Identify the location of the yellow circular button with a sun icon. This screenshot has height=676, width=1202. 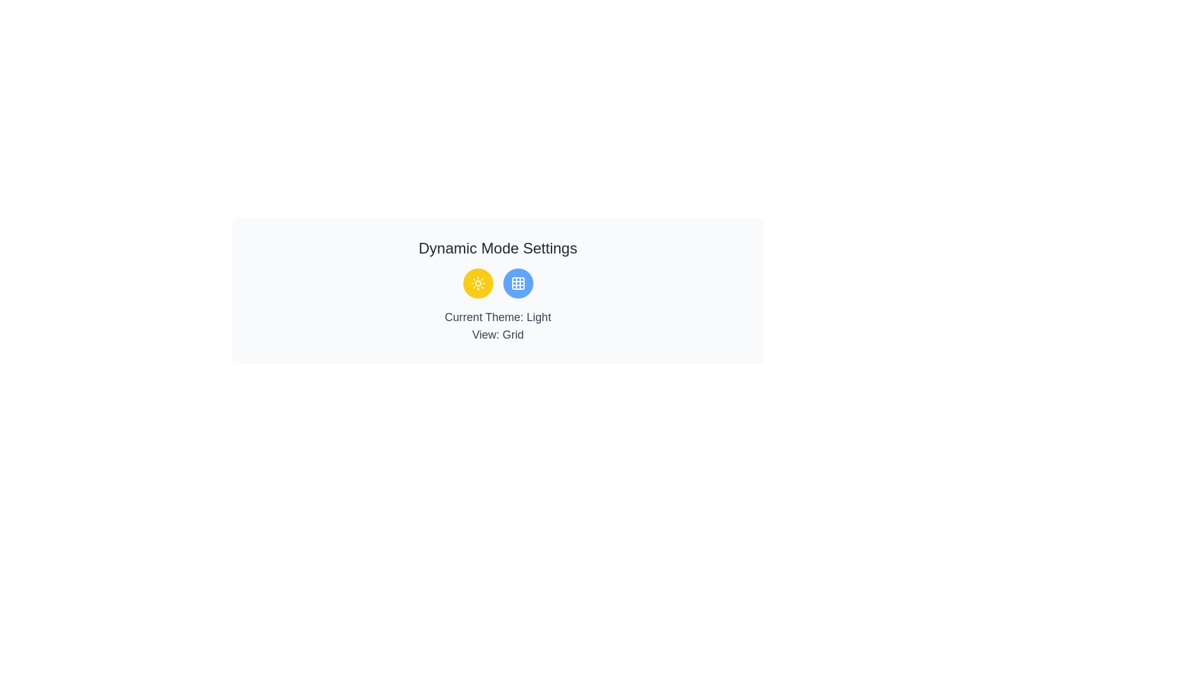
(477, 283).